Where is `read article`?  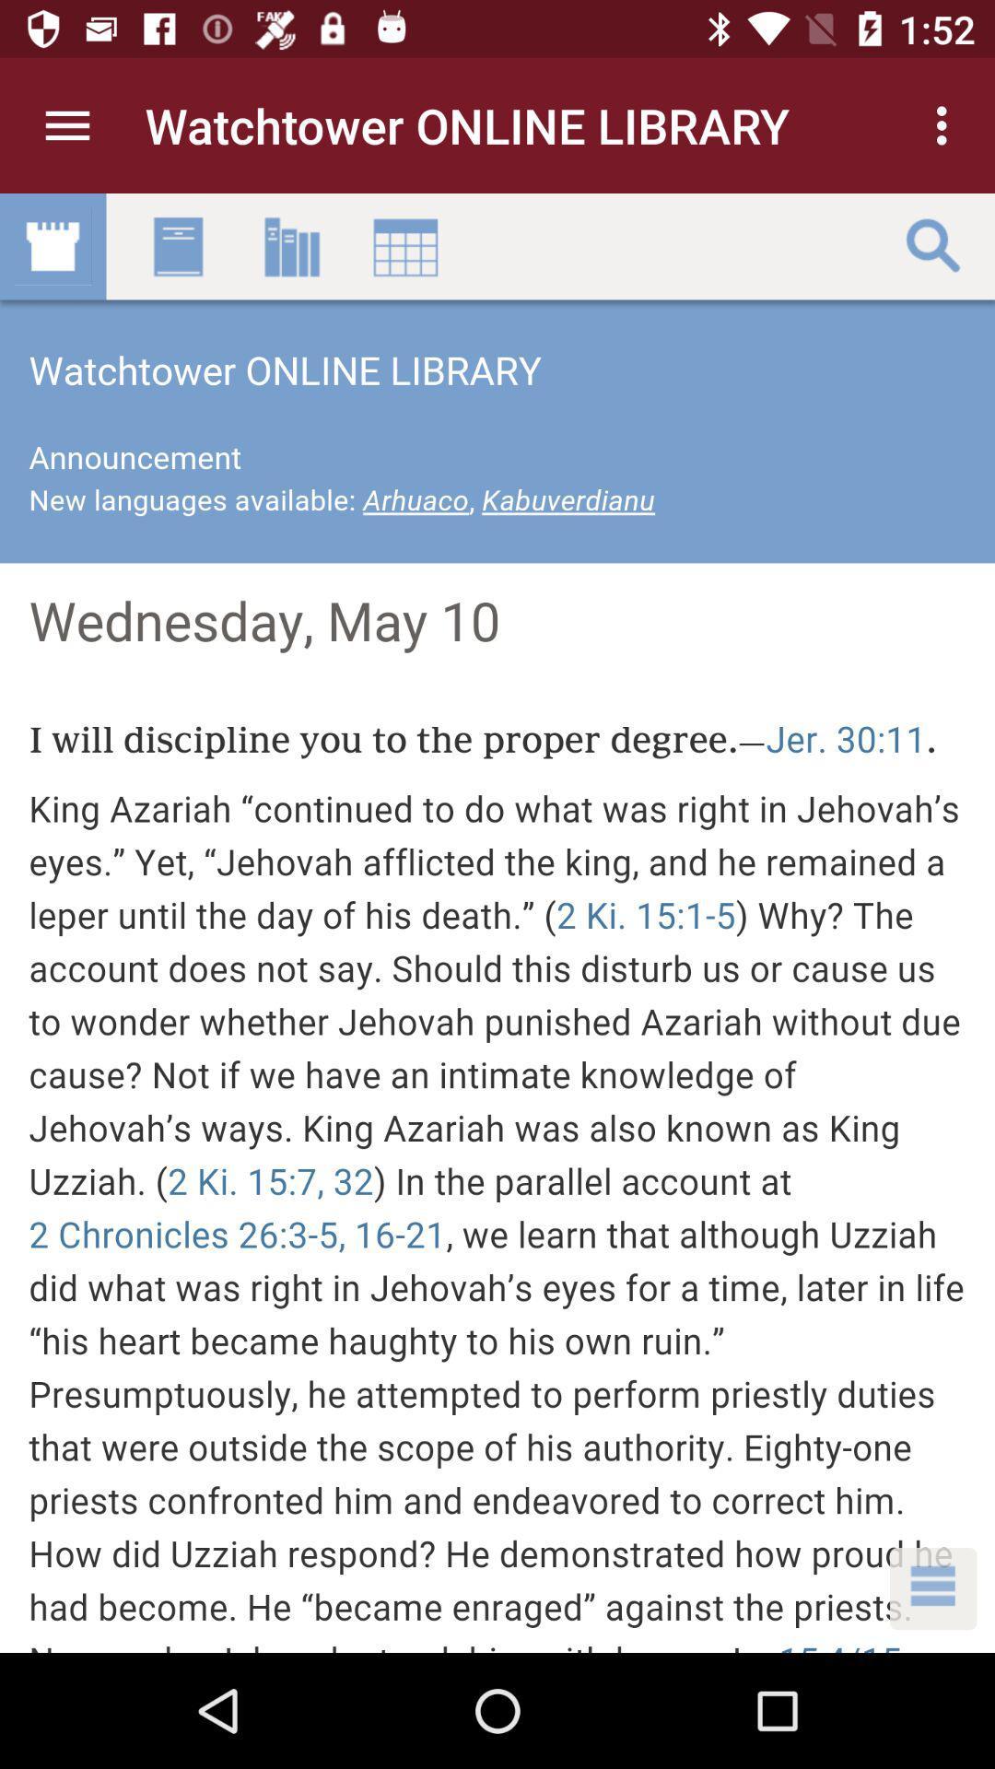
read article is located at coordinates (497, 923).